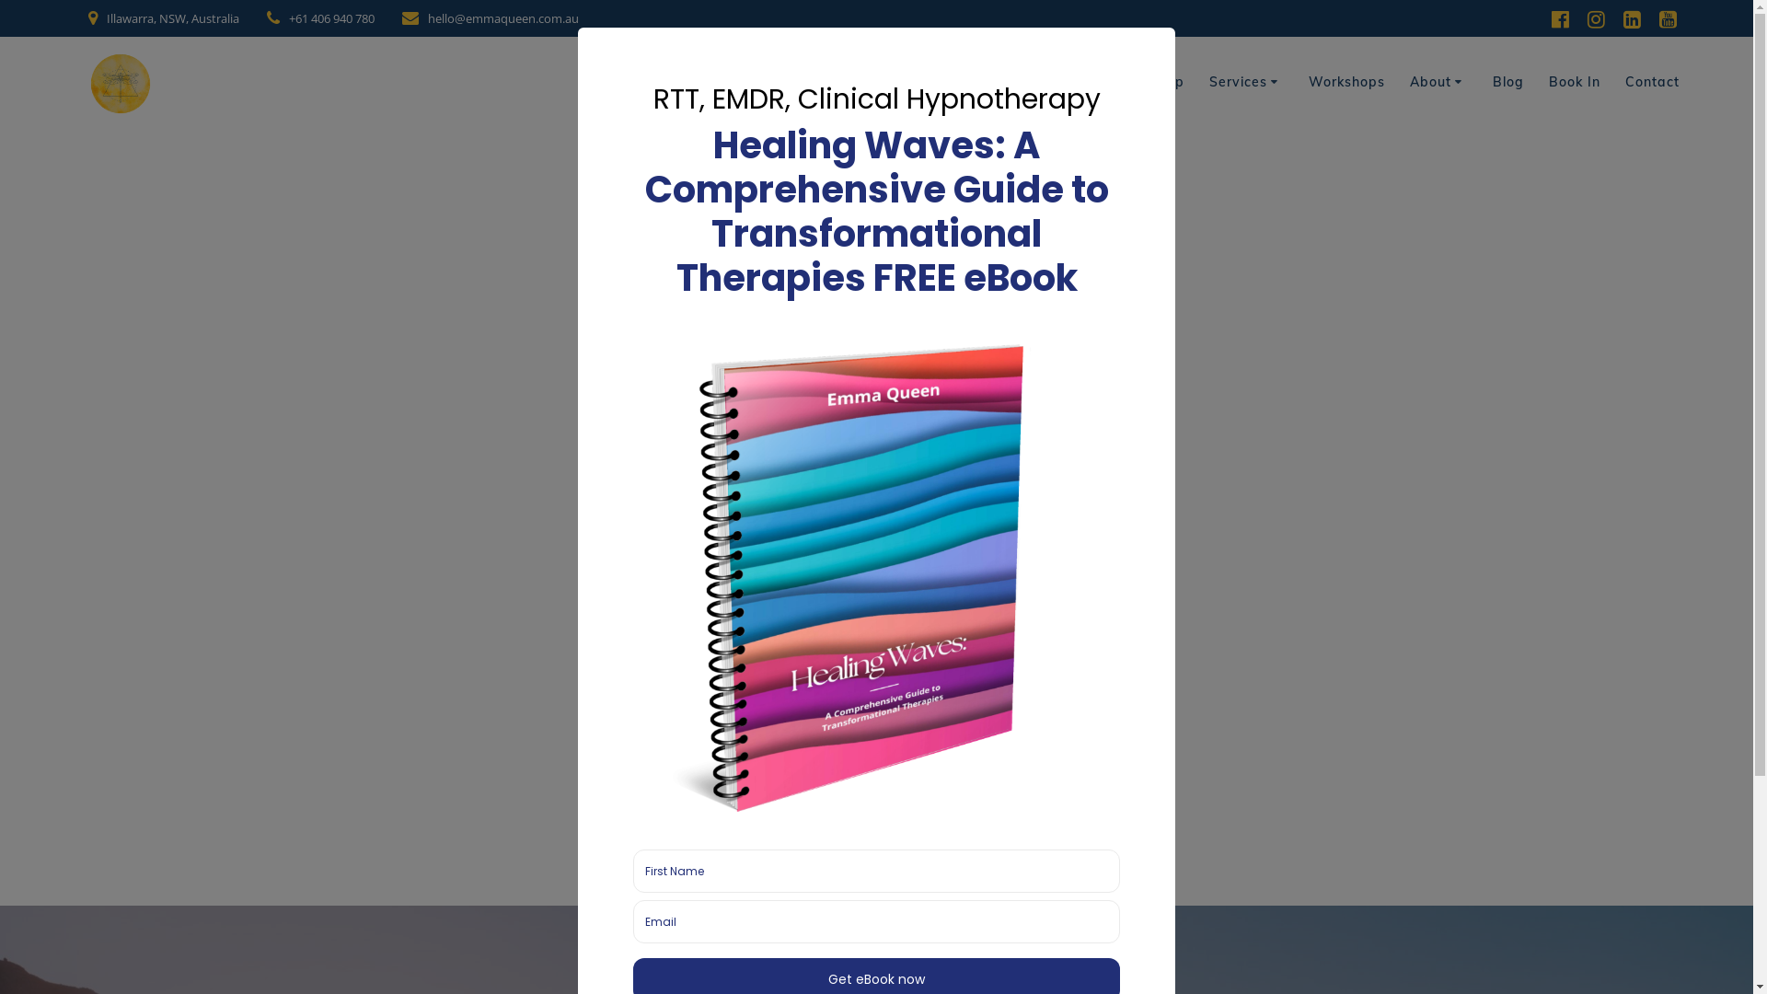  What do you see at coordinates (1165, 83) in the screenshot?
I see `'Shop'` at bounding box center [1165, 83].